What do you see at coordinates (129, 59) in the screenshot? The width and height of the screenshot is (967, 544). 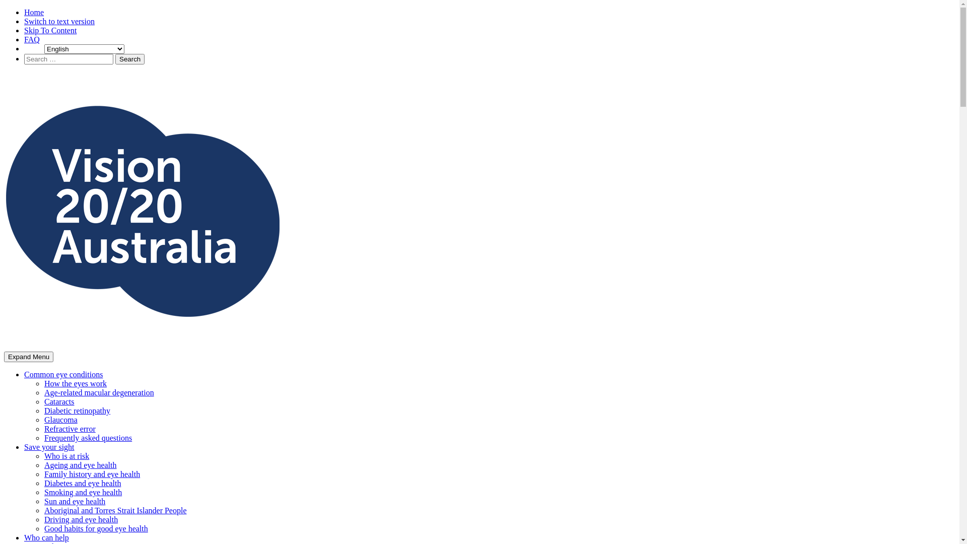 I see `'Search'` at bounding box center [129, 59].